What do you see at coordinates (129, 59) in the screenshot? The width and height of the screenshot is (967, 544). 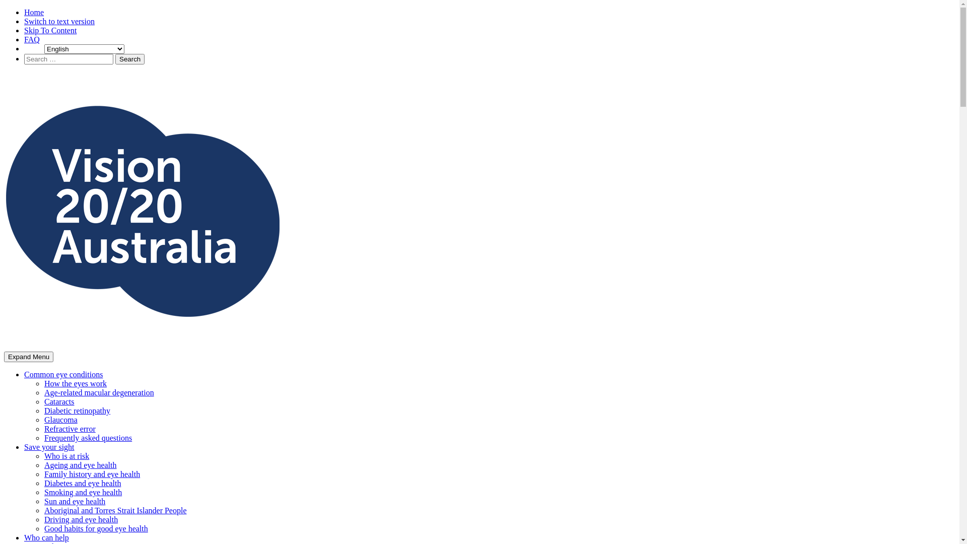 I see `'Search'` at bounding box center [129, 59].